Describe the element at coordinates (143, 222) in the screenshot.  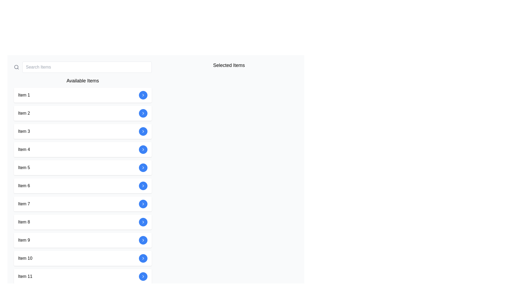
I see `the navigational button located to the far-right of the 'Item 8' block` at that location.